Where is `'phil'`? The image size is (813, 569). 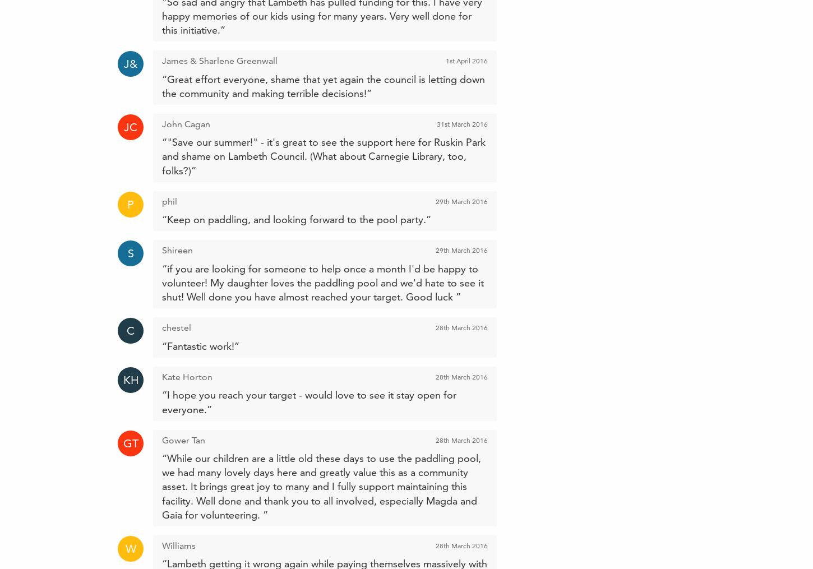 'phil' is located at coordinates (161, 200).